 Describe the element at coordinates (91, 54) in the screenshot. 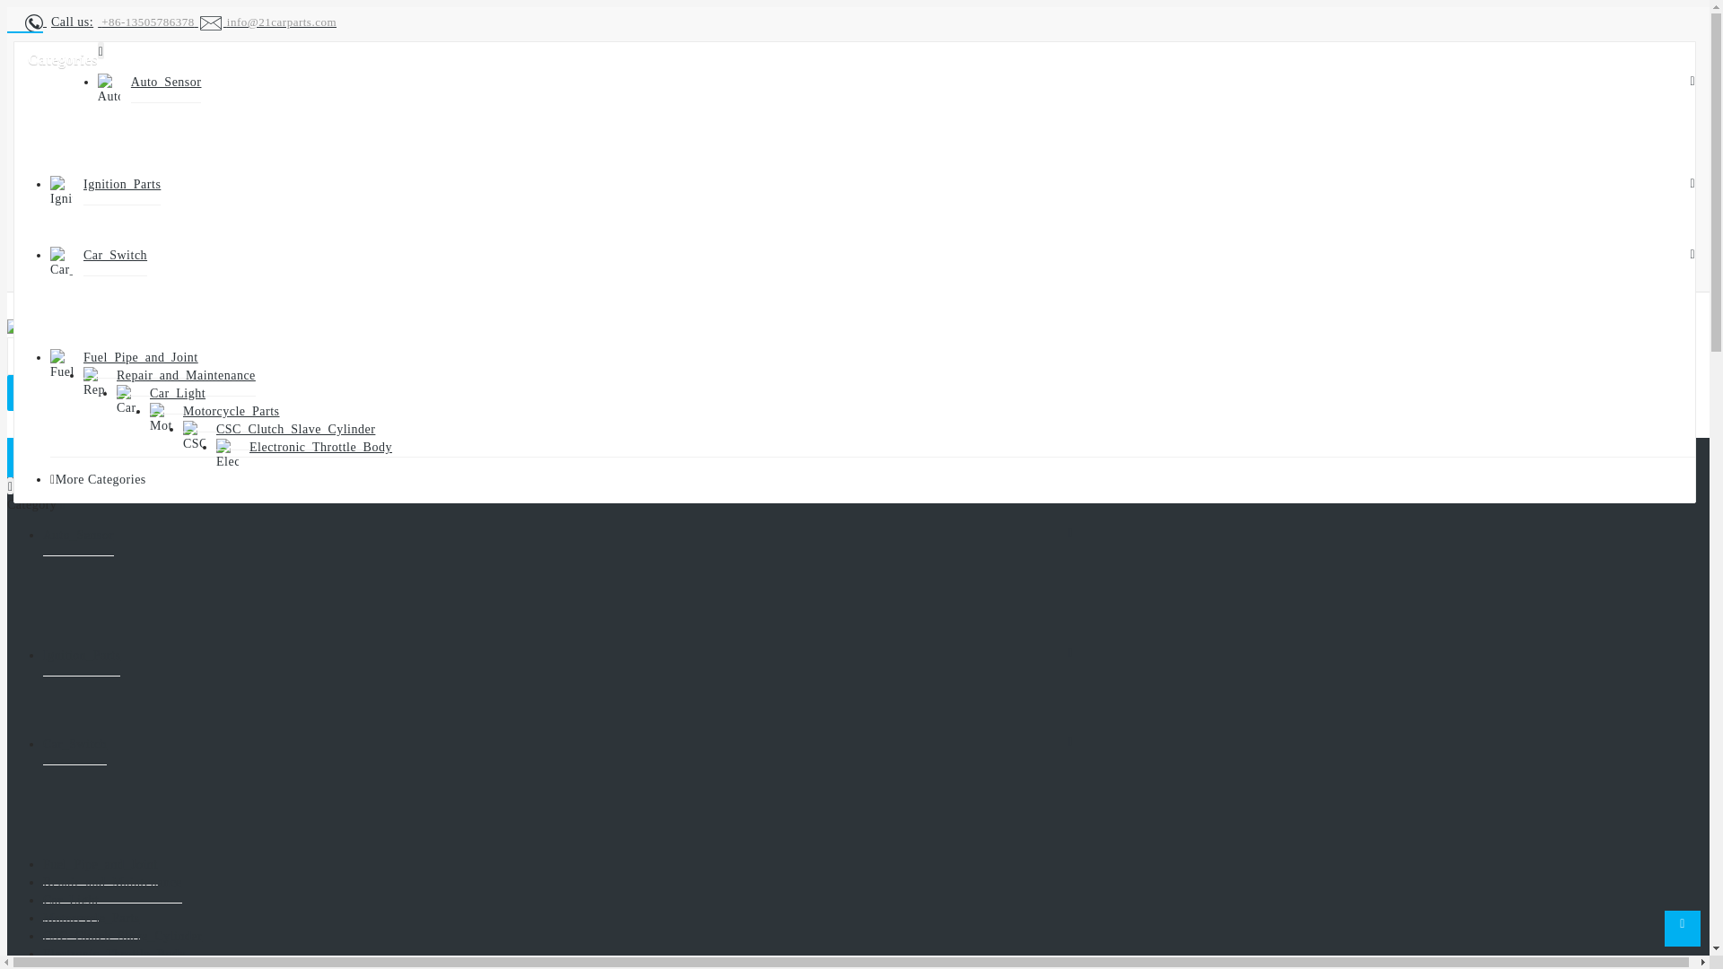

I see `'$ Currency '` at that location.